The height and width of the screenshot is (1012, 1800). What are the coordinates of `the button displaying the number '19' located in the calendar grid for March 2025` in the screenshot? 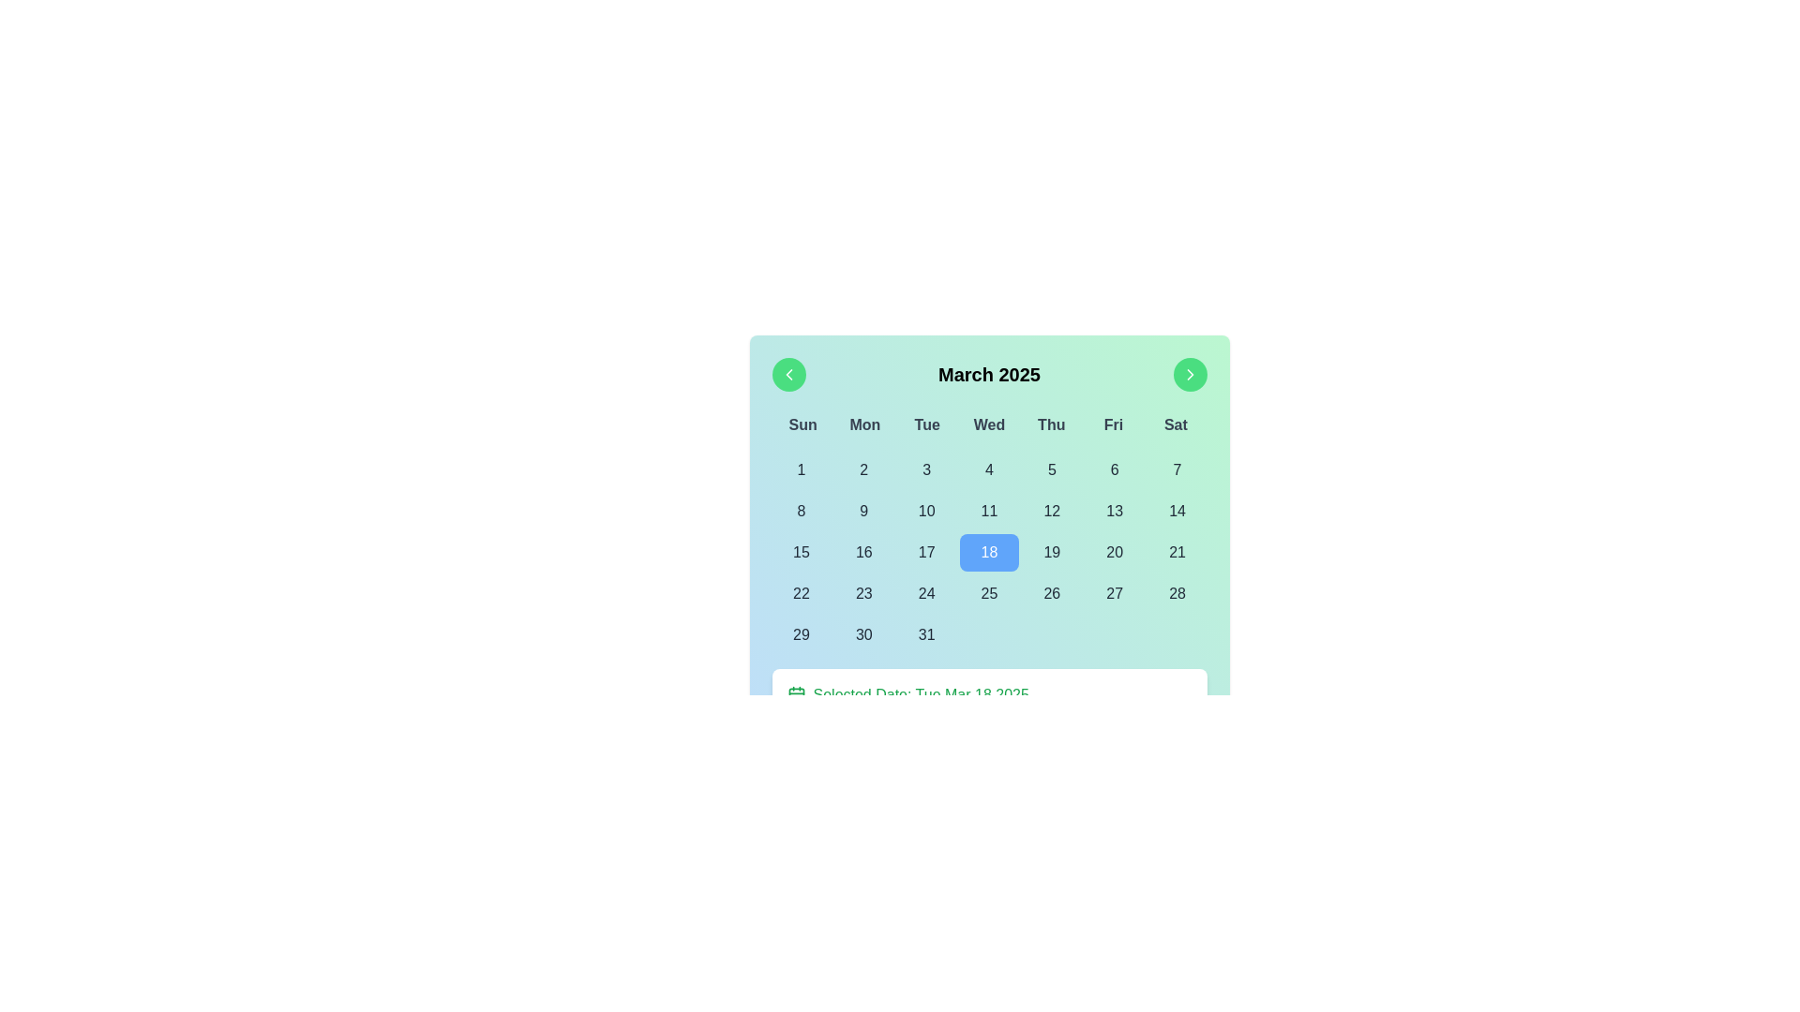 It's located at (1052, 552).